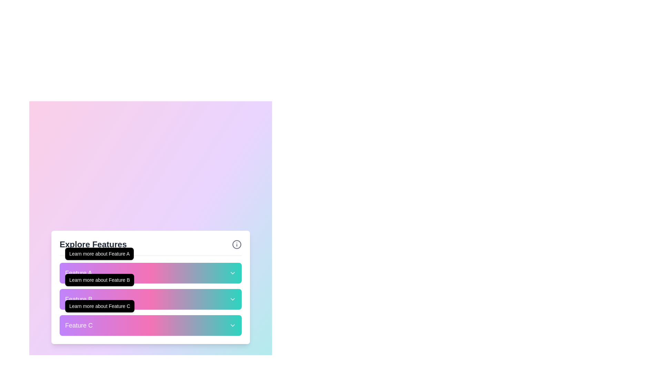  What do you see at coordinates (233, 272) in the screenshot?
I see `the downward-pointing chevron SVG icon located in the top-right corner of the second row of feature panels` at bounding box center [233, 272].